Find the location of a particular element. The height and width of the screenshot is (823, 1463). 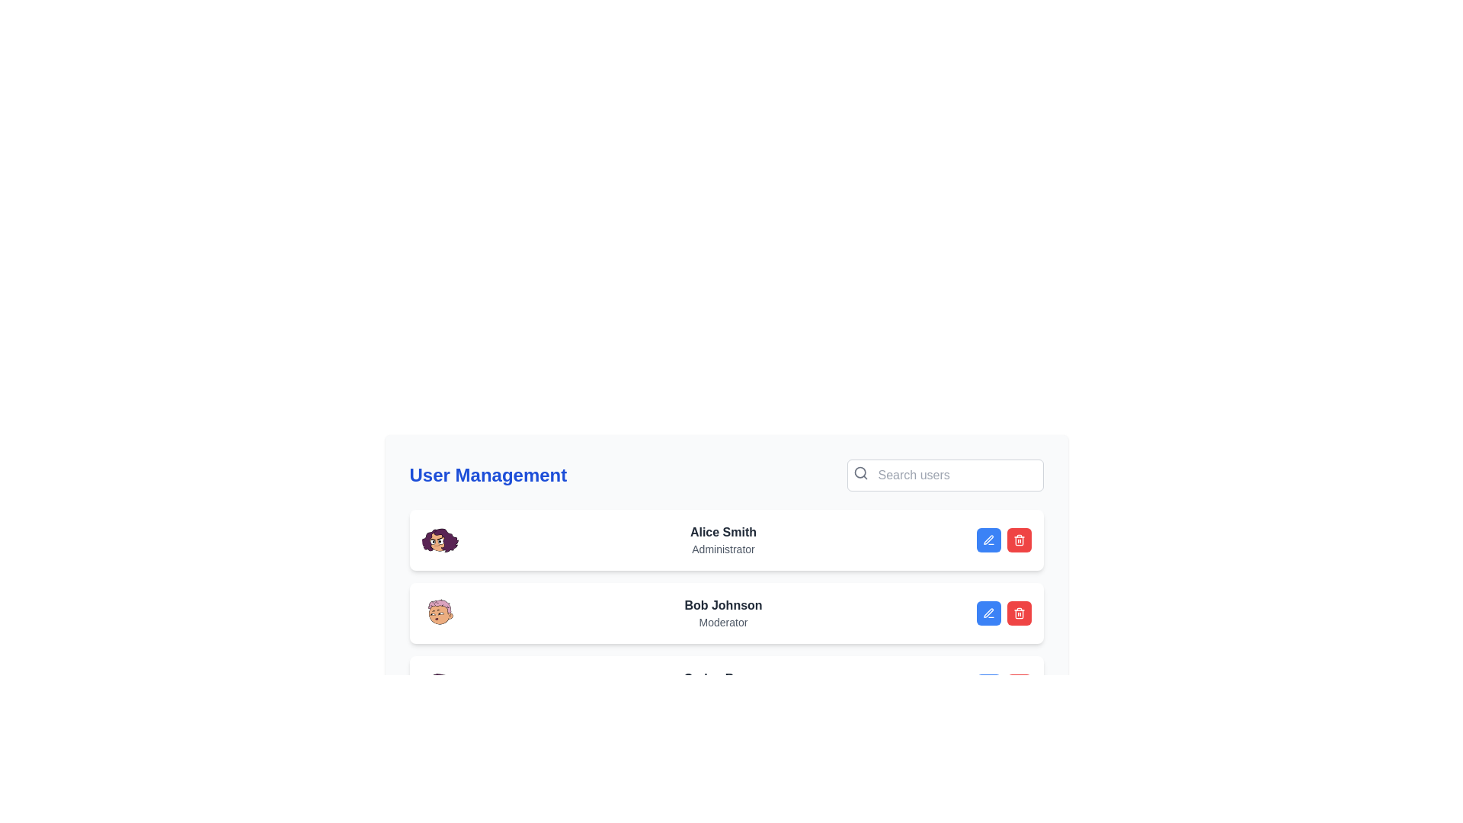

the second user entry in the 'User Management' section is located at coordinates (725, 613).